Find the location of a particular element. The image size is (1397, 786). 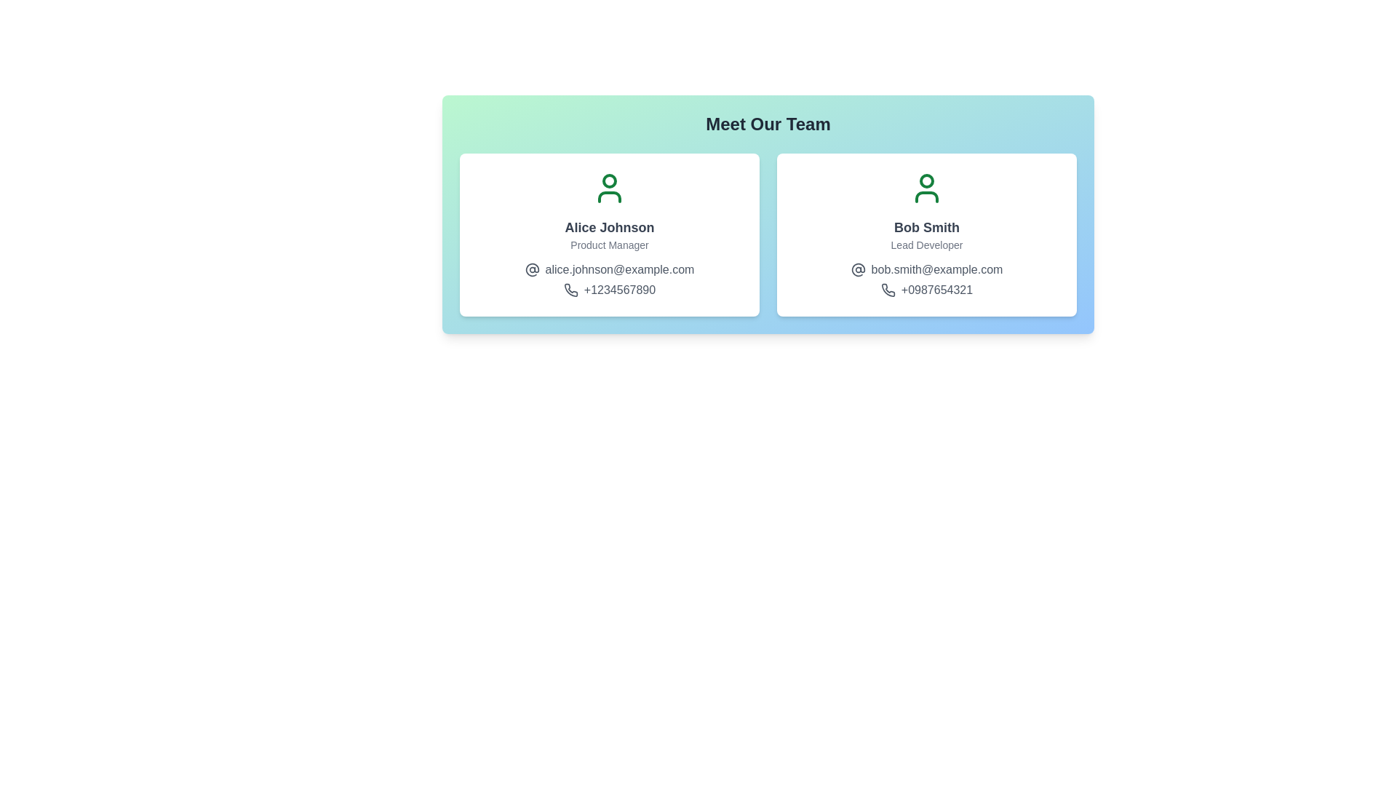

the phone icon located in the left profile card under the 'Meet Our Team' section, which is visually represented as a phone symbol and aligned with the email and phone number text is located at coordinates (570, 290).